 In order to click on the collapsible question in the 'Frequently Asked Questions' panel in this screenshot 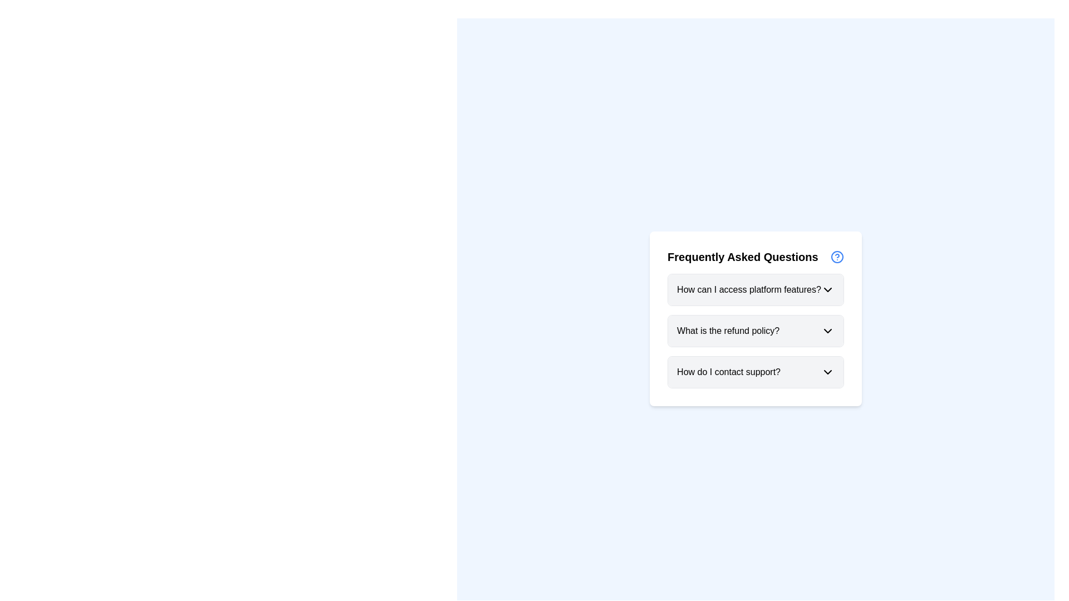, I will do `click(756, 319)`.